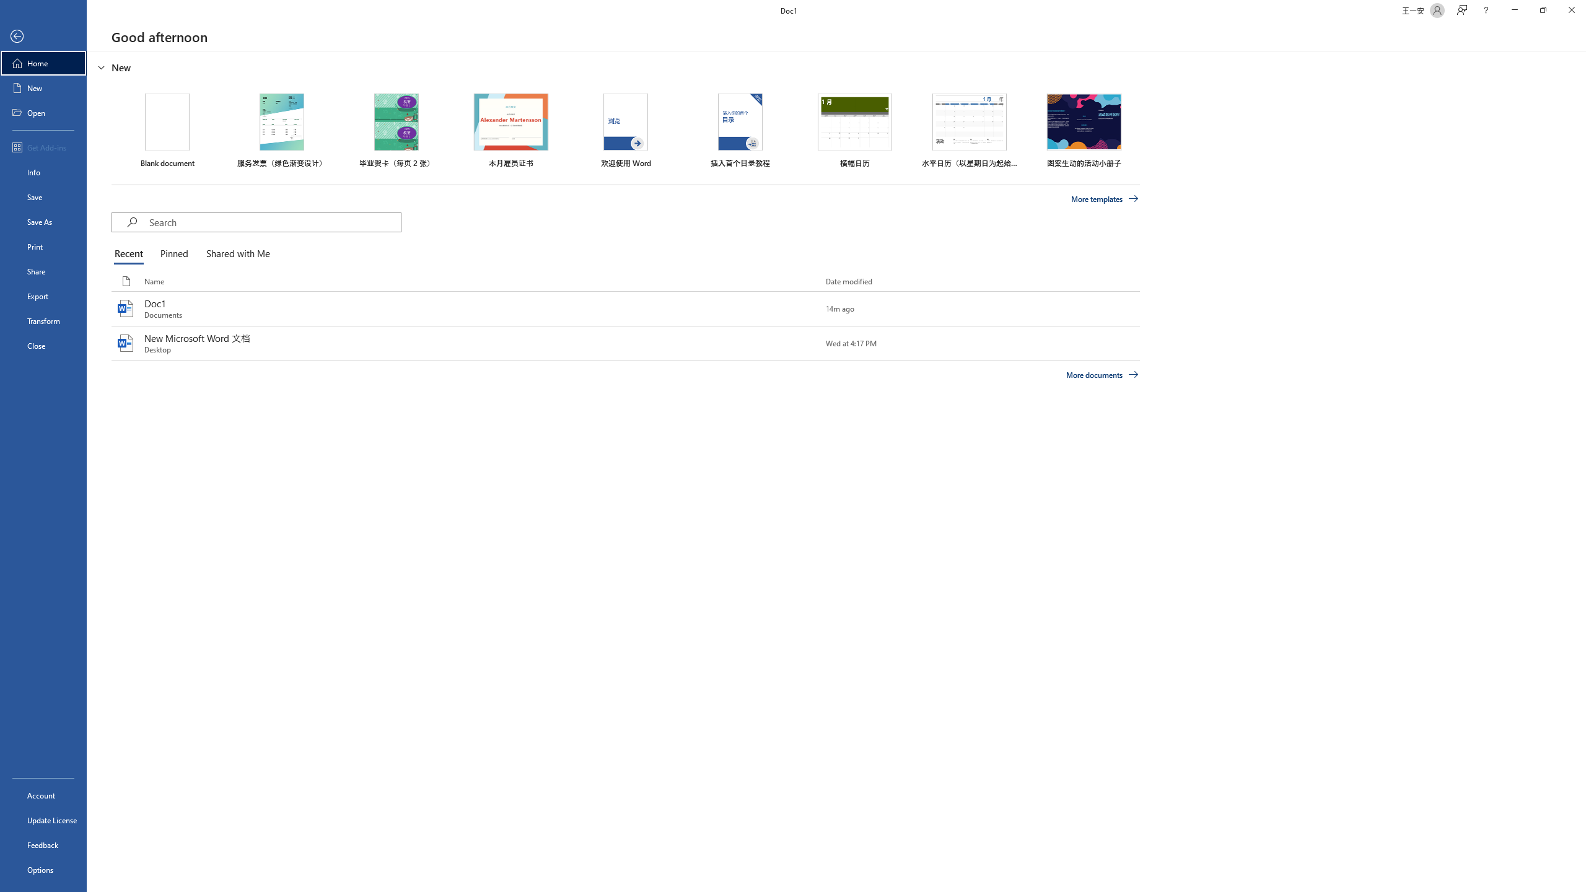 The width and height of the screenshot is (1586, 892). What do you see at coordinates (43, 296) in the screenshot?
I see `'Export'` at bounding box center [43, 296].